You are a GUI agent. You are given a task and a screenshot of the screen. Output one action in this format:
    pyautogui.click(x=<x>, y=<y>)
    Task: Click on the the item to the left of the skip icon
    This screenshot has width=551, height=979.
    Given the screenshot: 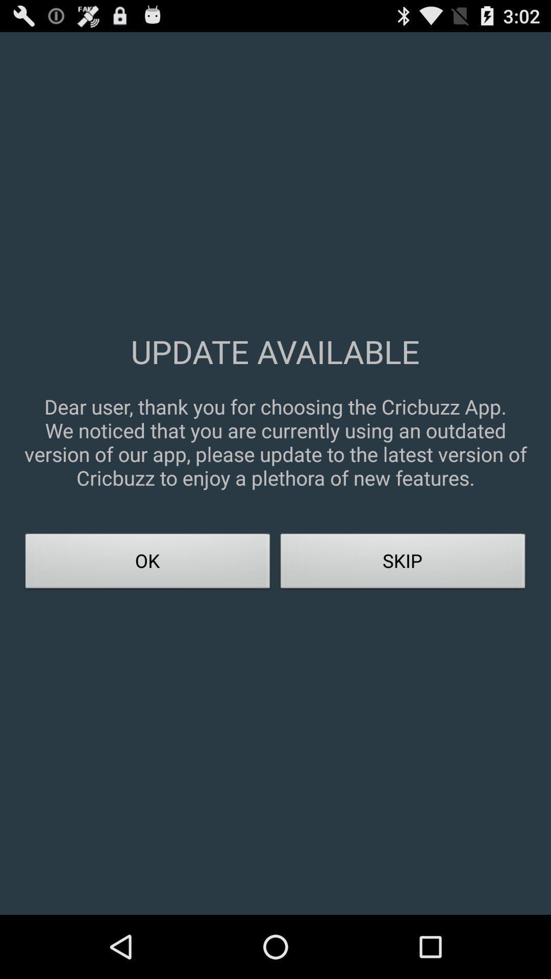 What is the action you would take?
    pyautogui.click(x=147, y=563)
    